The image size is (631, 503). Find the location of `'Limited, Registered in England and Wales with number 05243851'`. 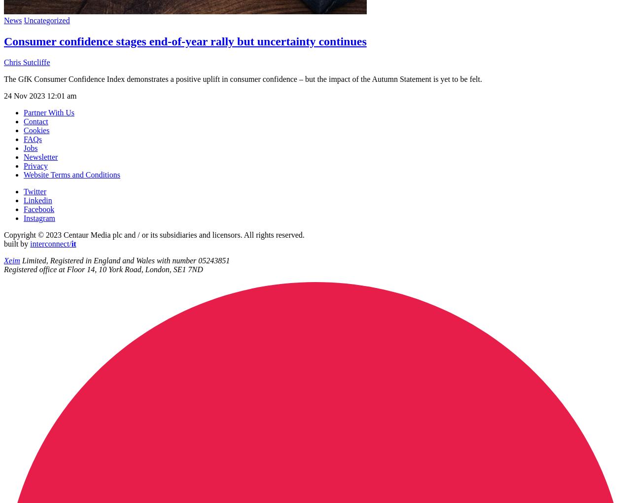

'Limited, Registered in England and Wales with number 05243851' is located at coordinates (124, 259).